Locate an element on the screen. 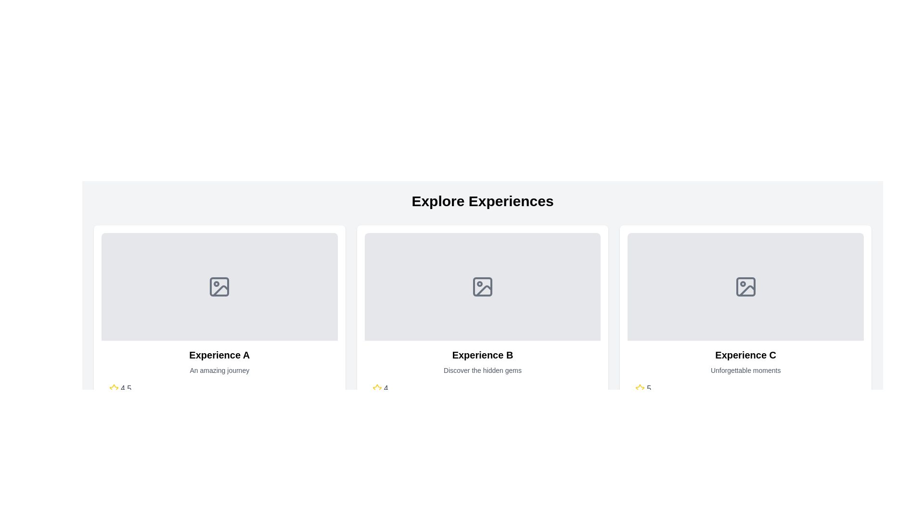 Image resolution: width=924 pixels, height=519 pixels. decorative rectangle within the vector graphic icon located at the top-middle of the 'Experience A' card component in the first column under 'Explore Experiences' is located at coordinates (219, 286).